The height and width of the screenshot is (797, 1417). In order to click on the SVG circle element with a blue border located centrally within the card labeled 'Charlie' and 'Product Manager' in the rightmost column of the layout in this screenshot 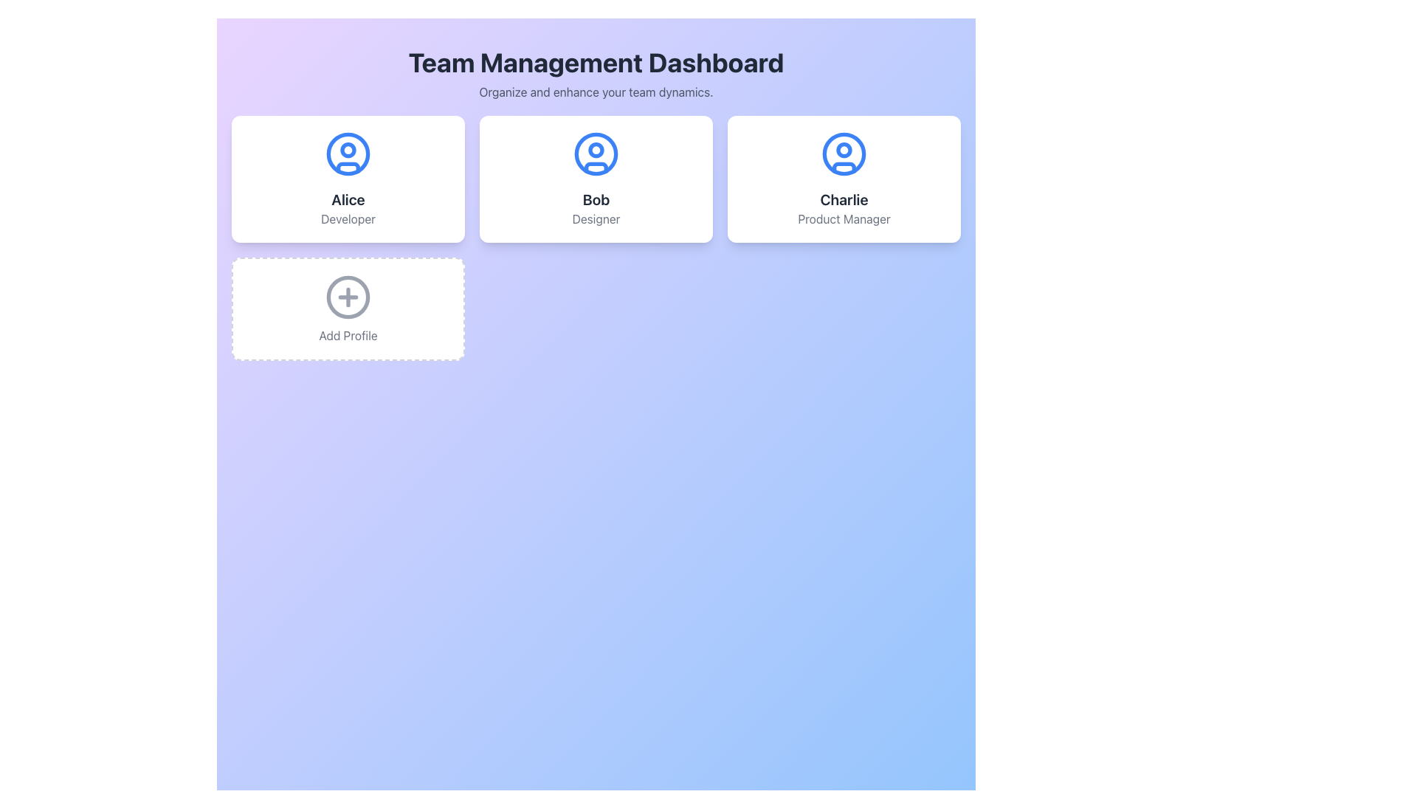, I will do `click(844, 153)`.